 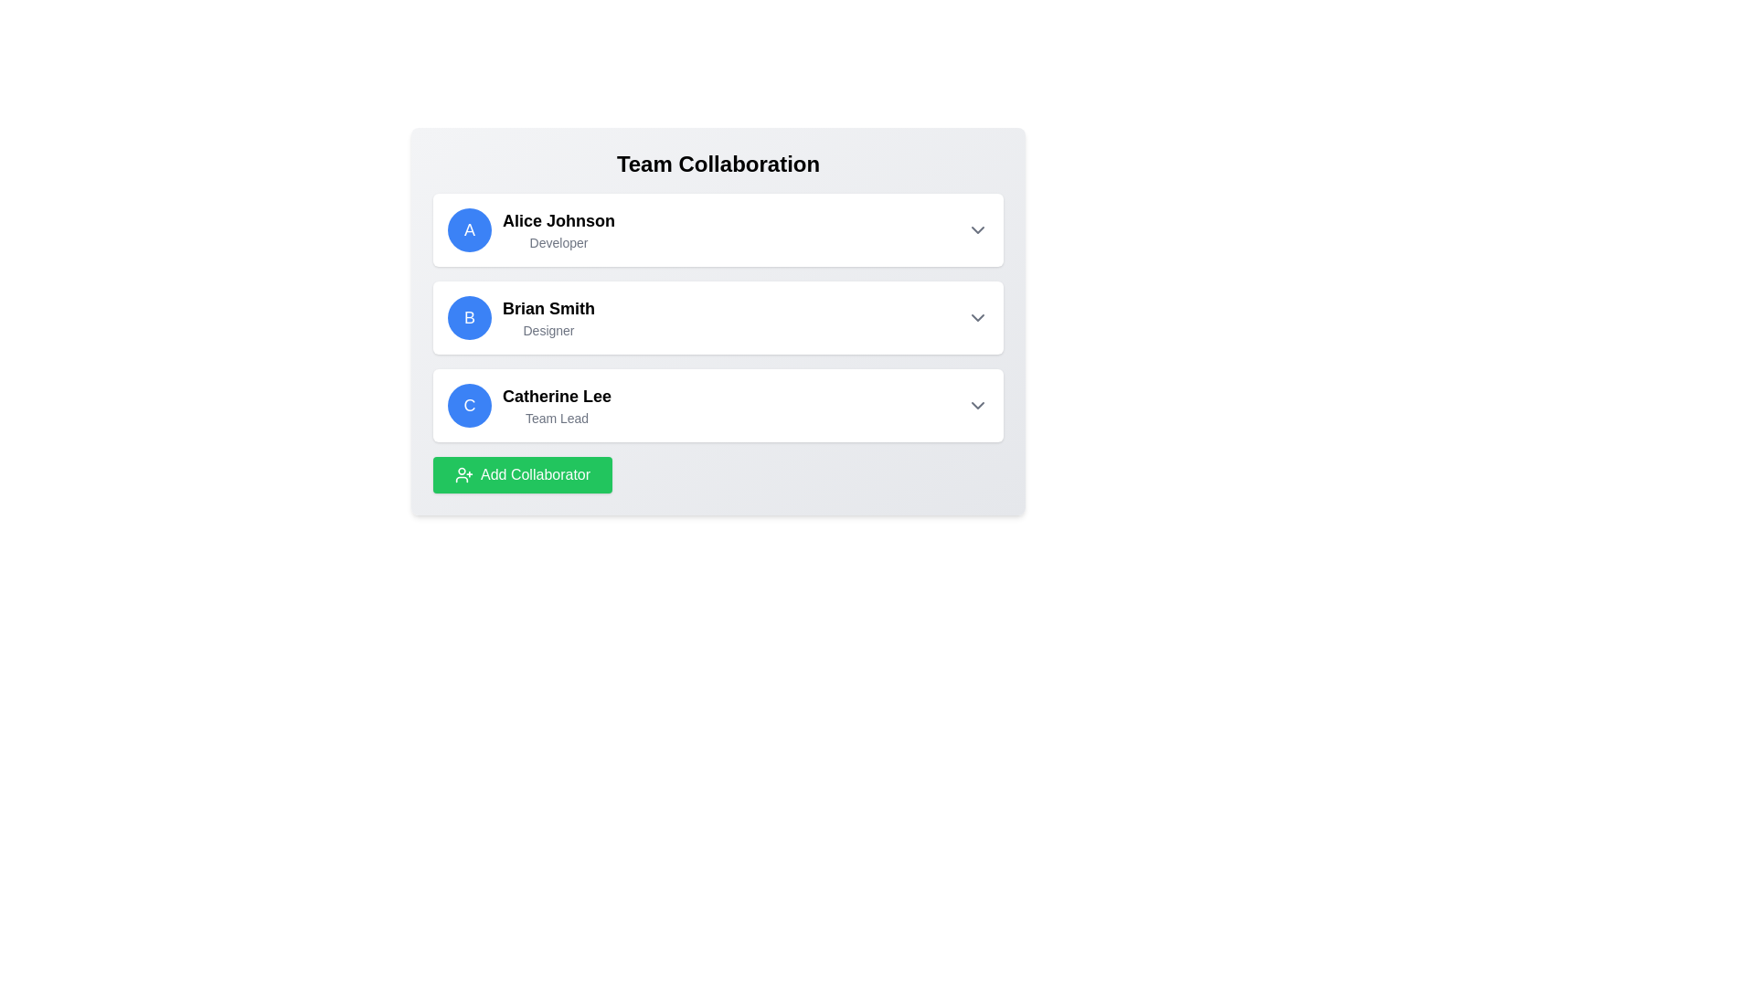 What do you see at coordinates (521, 474) in the screenshot?
I see `the 'Add Collaborator' button, which is a green rectangular button with white text and a user icon, located at the bottom-center of the 'Team Collaboration' panel` at bounding box center [521, 474].